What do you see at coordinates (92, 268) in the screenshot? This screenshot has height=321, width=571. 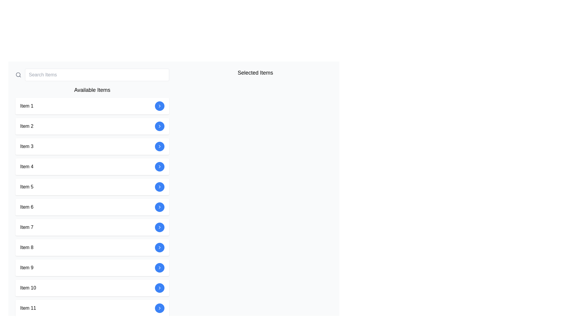 I see `the actionable list item representing 'Item 9', located in a vertically stacked list between 'Item 8' and 'Item 10'` at bounding box center [92, 268].